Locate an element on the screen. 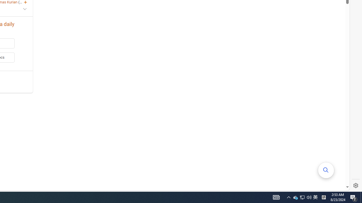  'Settings' is located at coordinates (355, 186).